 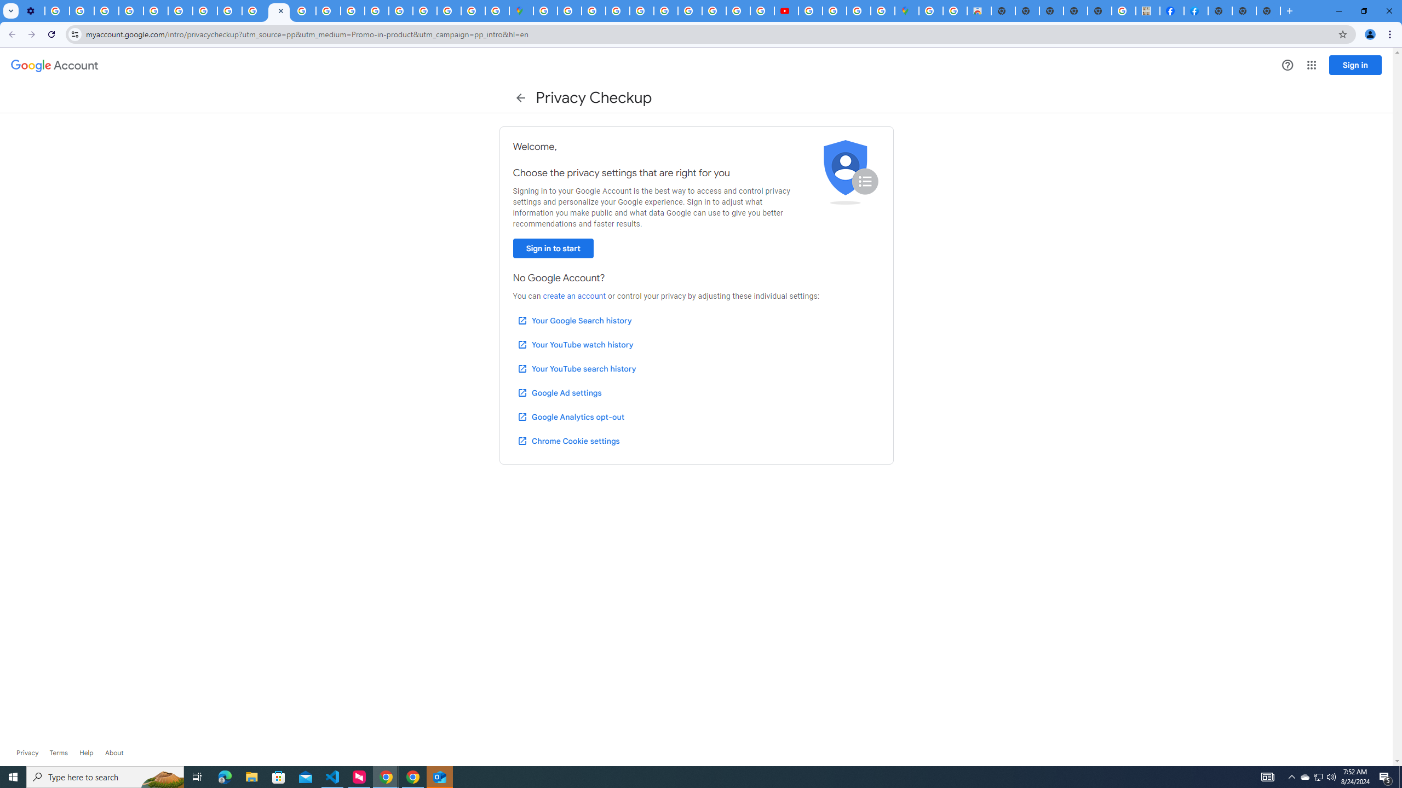 I want to click on 'Google Analytics opt-out', so click(x=570, y=417).